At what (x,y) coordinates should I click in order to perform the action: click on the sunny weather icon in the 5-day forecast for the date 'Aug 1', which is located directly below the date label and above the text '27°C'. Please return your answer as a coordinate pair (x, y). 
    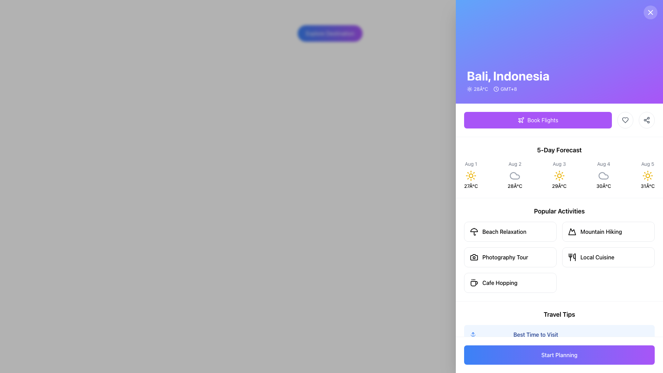
    Looking at the image, I should click on (470, 175).